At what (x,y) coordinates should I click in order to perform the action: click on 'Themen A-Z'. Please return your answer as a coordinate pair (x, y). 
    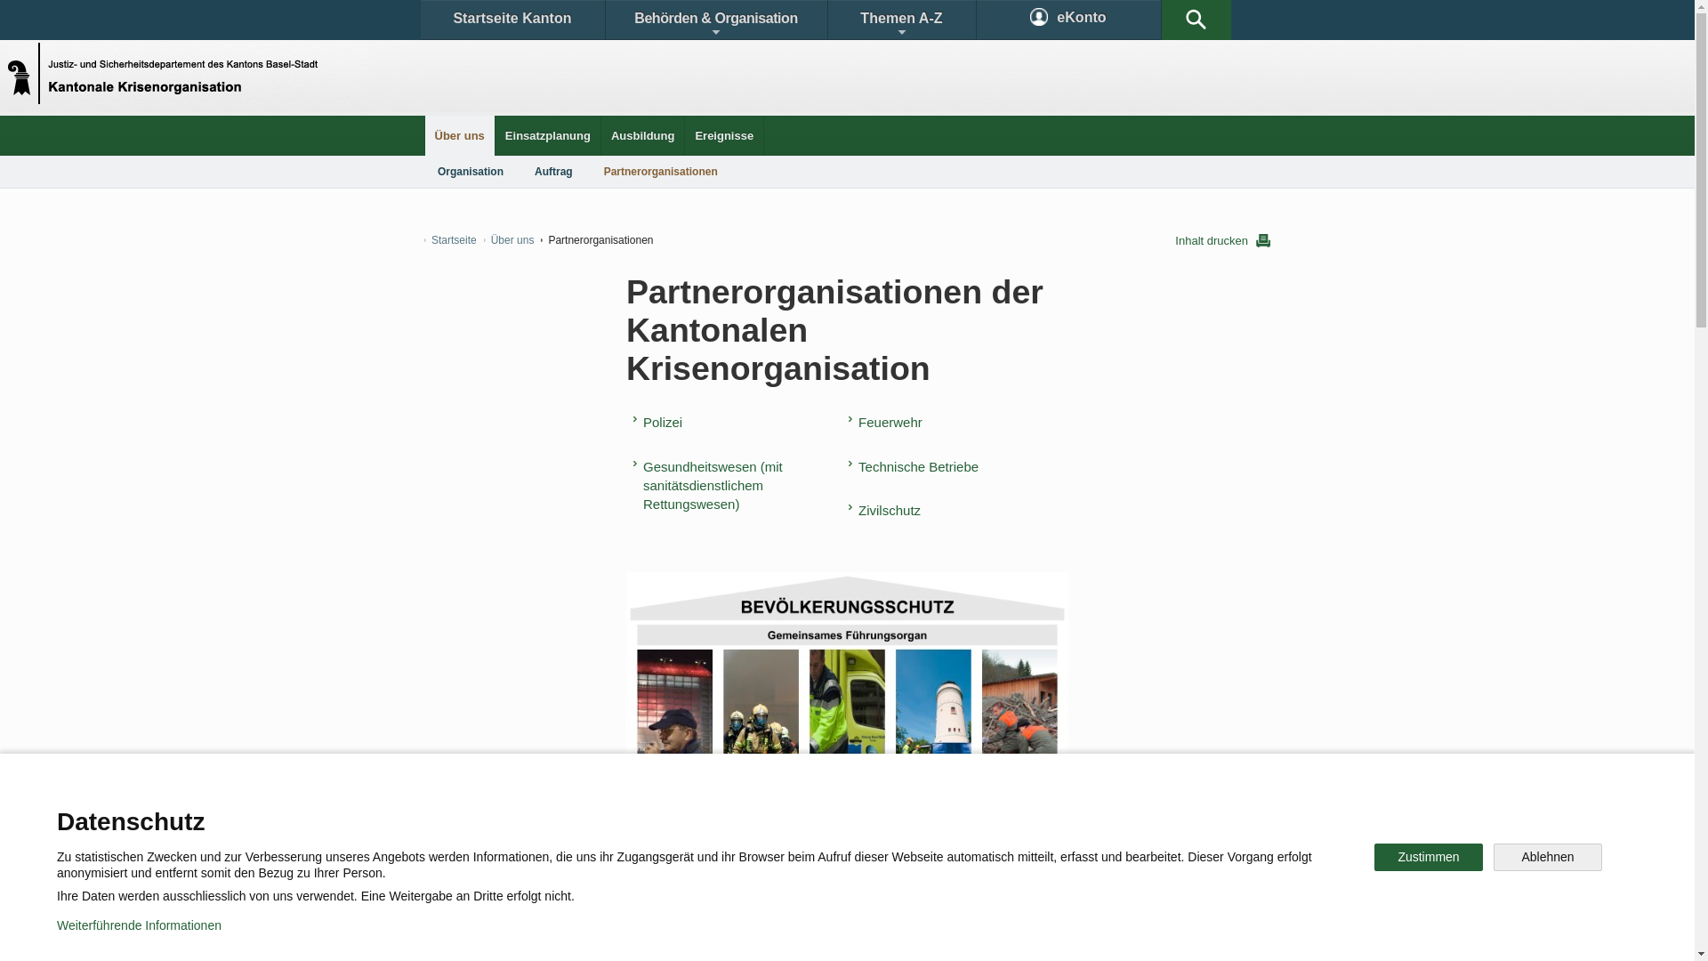
    Looking at the image, I should click on (900, 20).